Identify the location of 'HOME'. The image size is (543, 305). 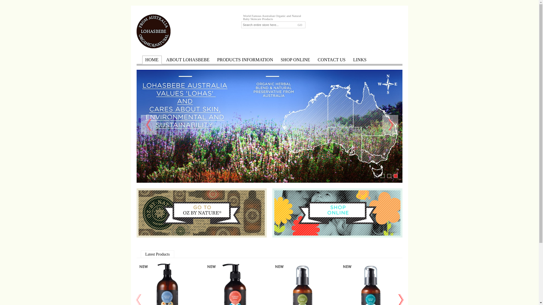
(152, 60).